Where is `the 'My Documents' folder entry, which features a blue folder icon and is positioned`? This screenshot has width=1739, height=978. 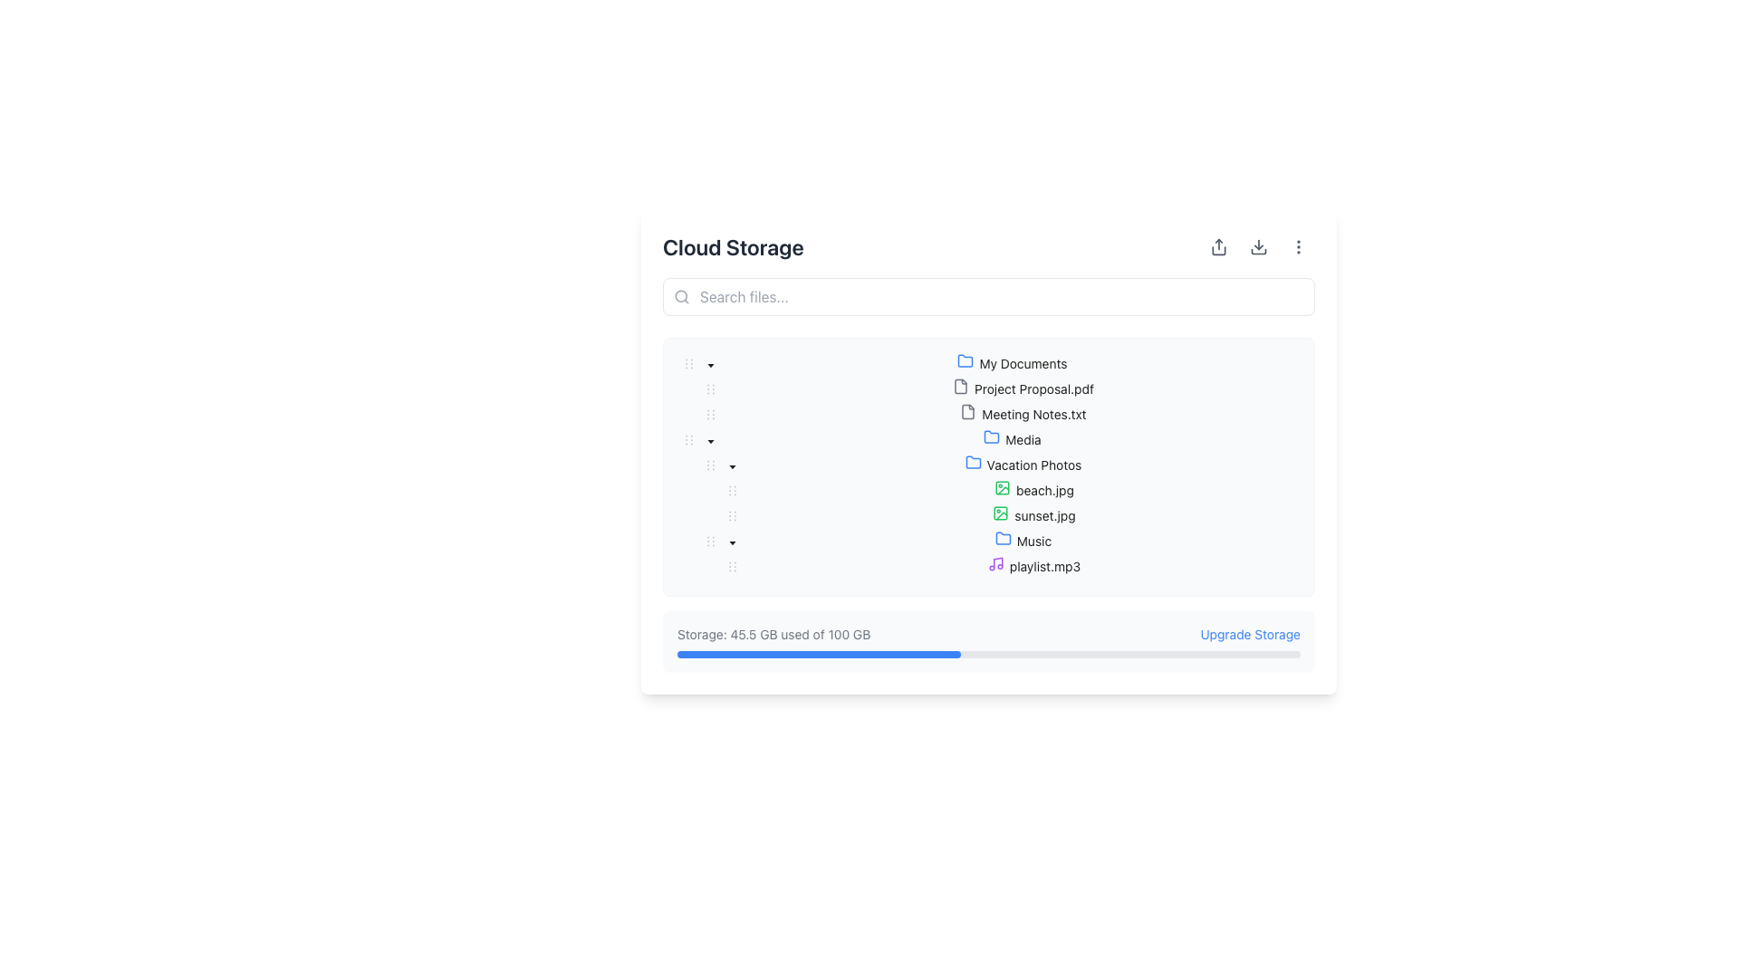
the 'My Documents' folder entry, which features a blue folder icon and is positioned is located at coordinates (1012, 363).